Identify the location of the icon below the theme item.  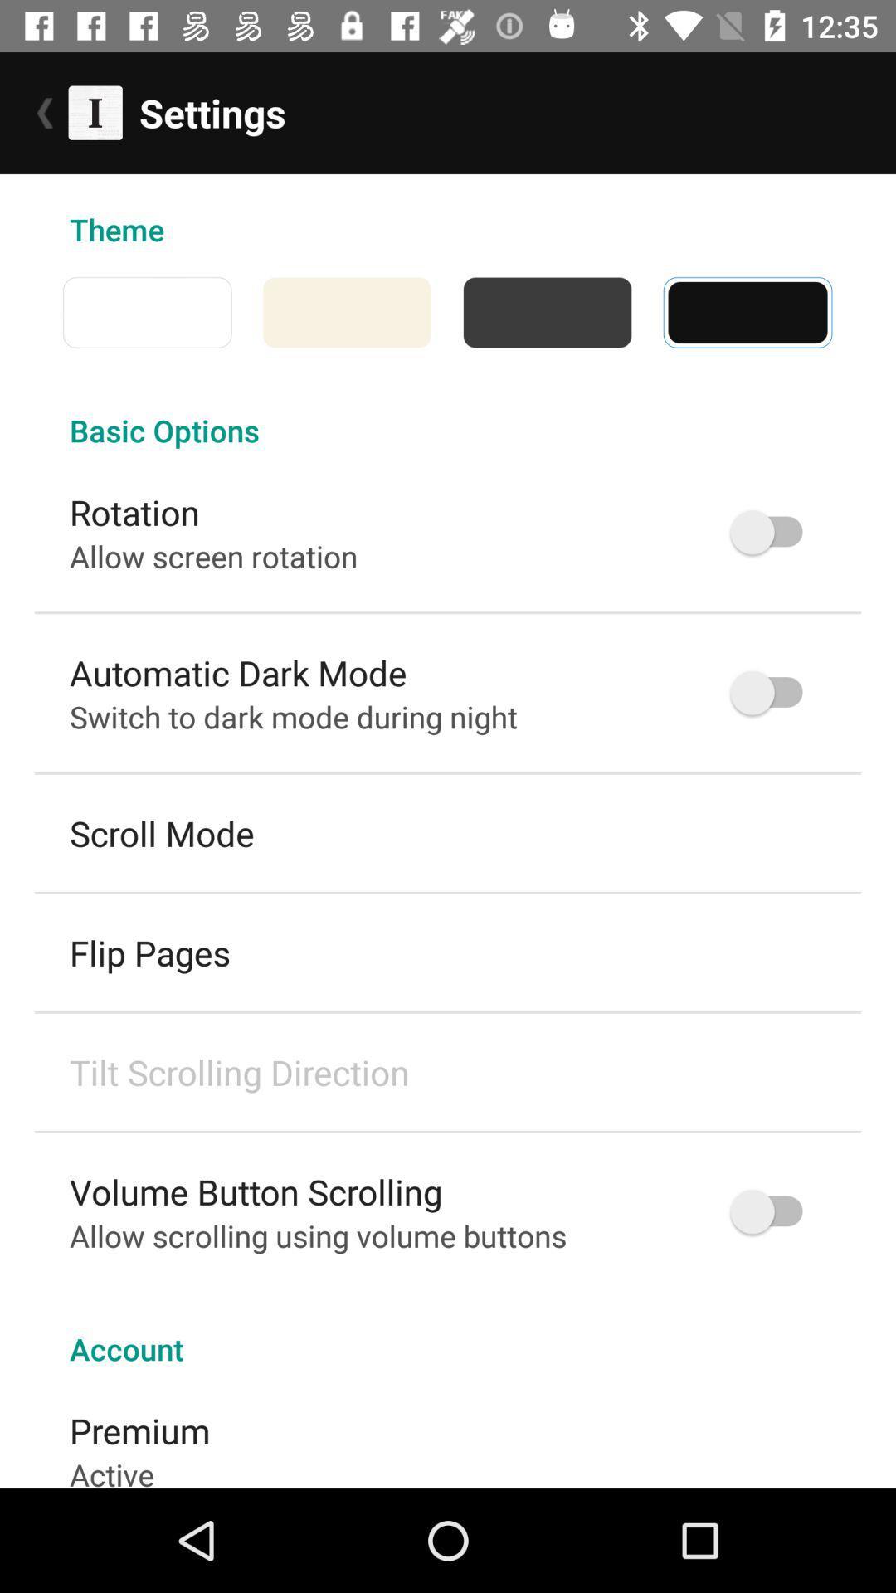
(46, 312).